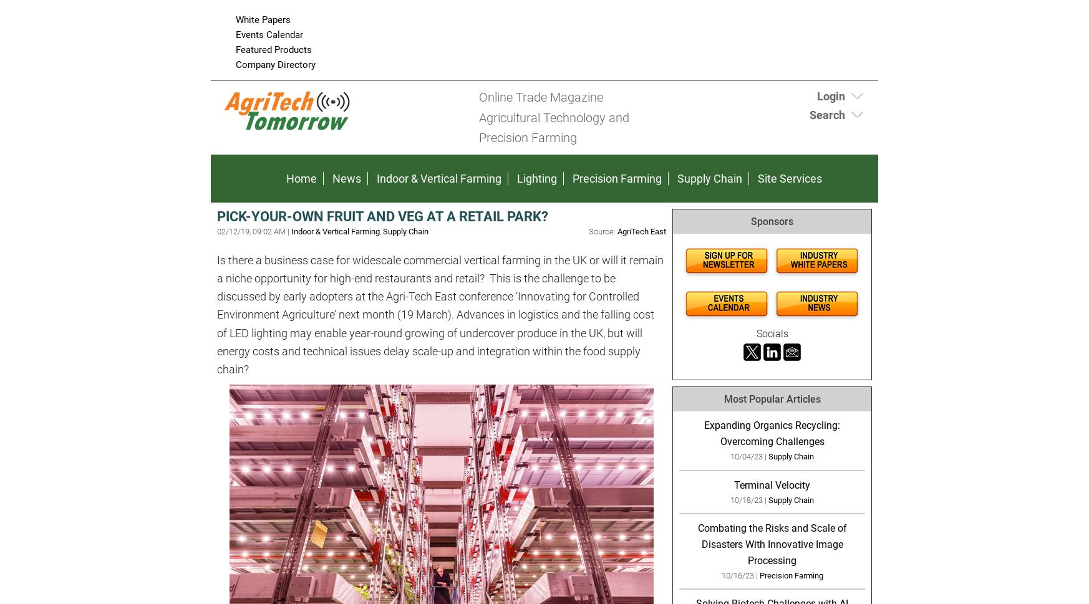 The width and height of the screenshot is (1089, 604). Describe the element at coordinates (235, 49) in the screenshot. I see `'Featured Products'` at that location.